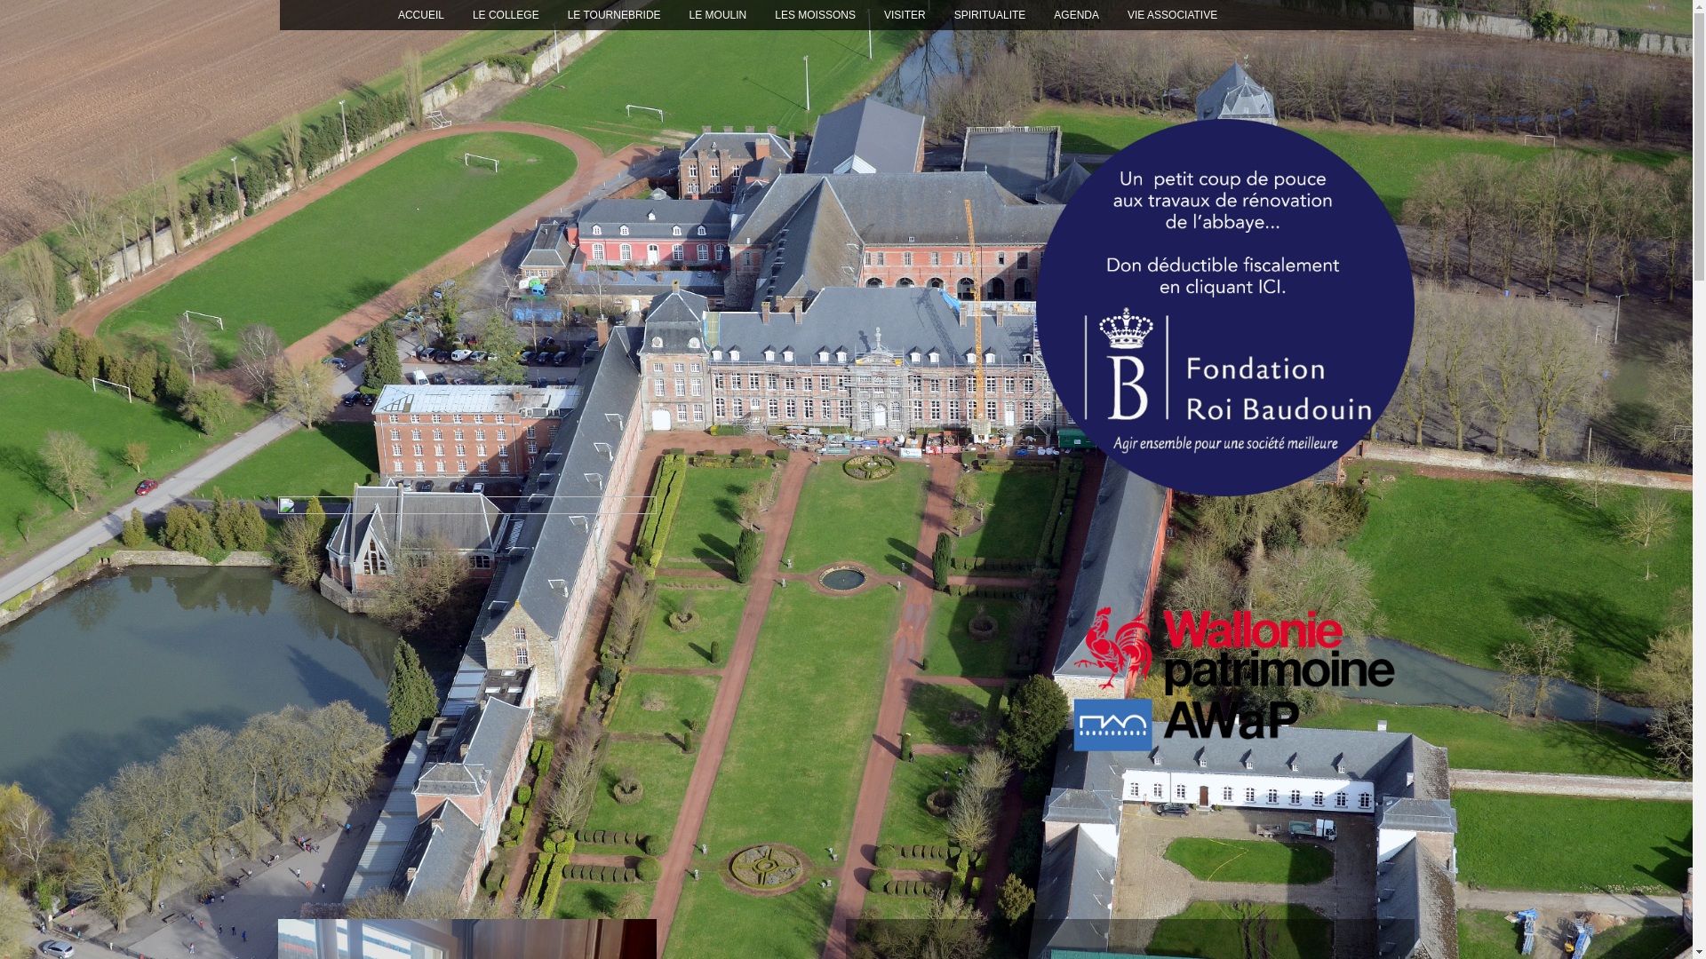 This screenshot has width=1706, height=959. I want to click on 'LE TOURNEBRIDE', so click(614, 14).